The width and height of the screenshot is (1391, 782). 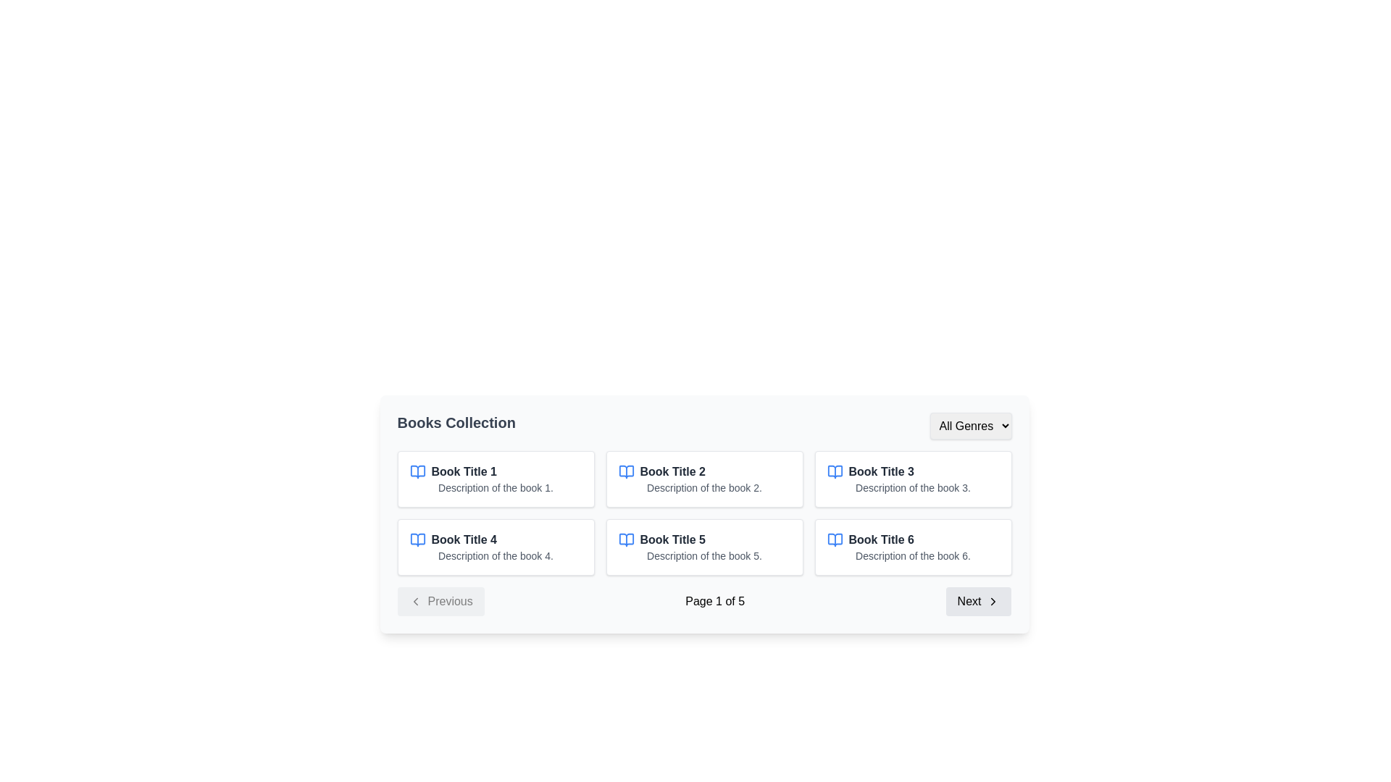 What do you see at coordinates (496, 471) in the screenshot?
I see `the Text and Icon Layout representing the first book title in the Books Collection interface, located in the top-left corner of the grid` at bounding box center [496, 471].